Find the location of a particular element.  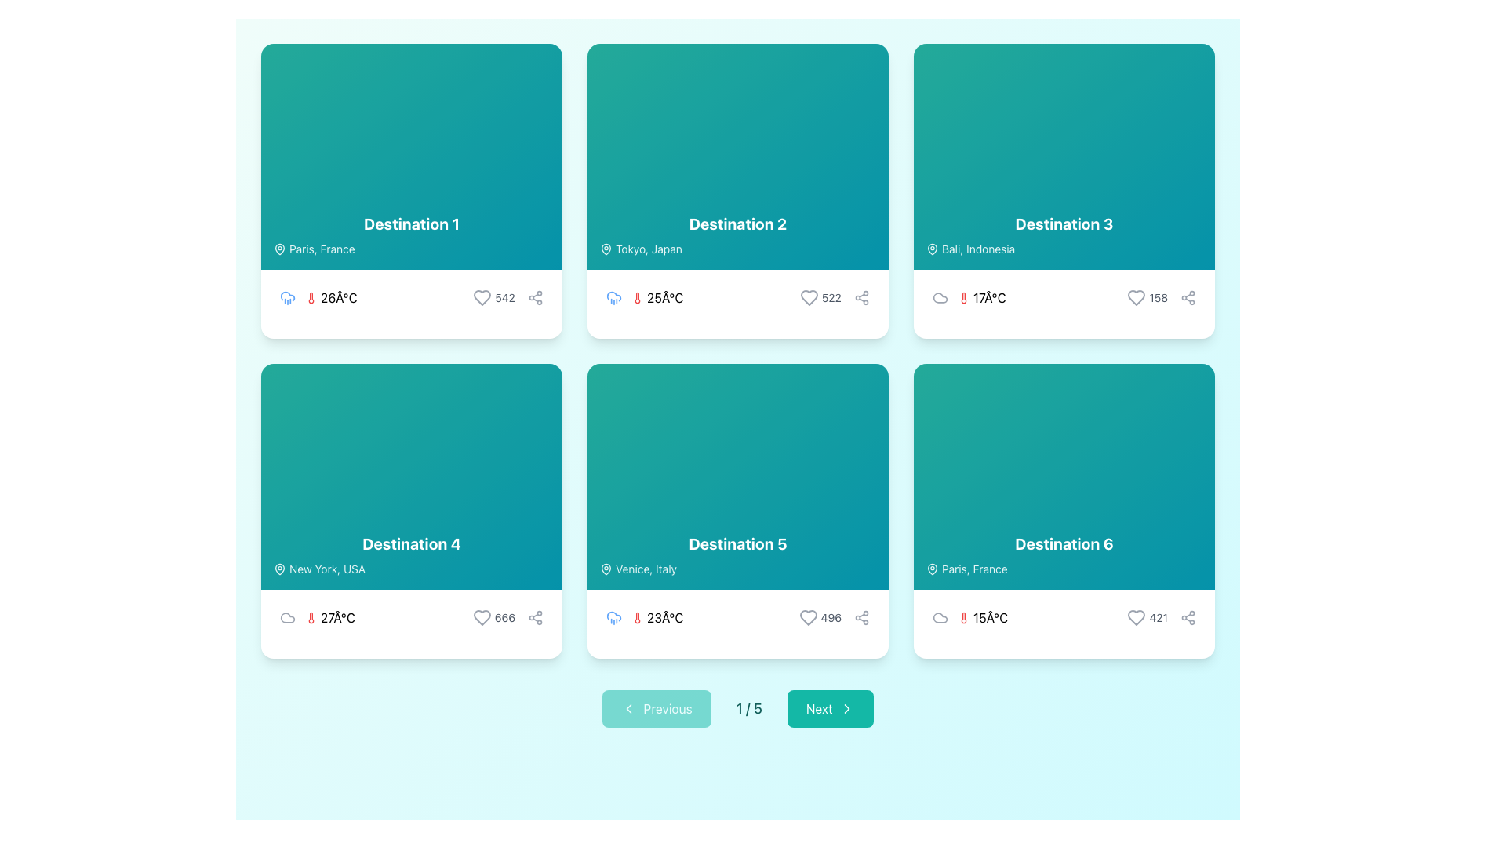

the thermometer icon located in the lower text section of the card labeled 'Destination 6', positioned on the right column of the second row in the grid layout is located at coordinates (962, 616).